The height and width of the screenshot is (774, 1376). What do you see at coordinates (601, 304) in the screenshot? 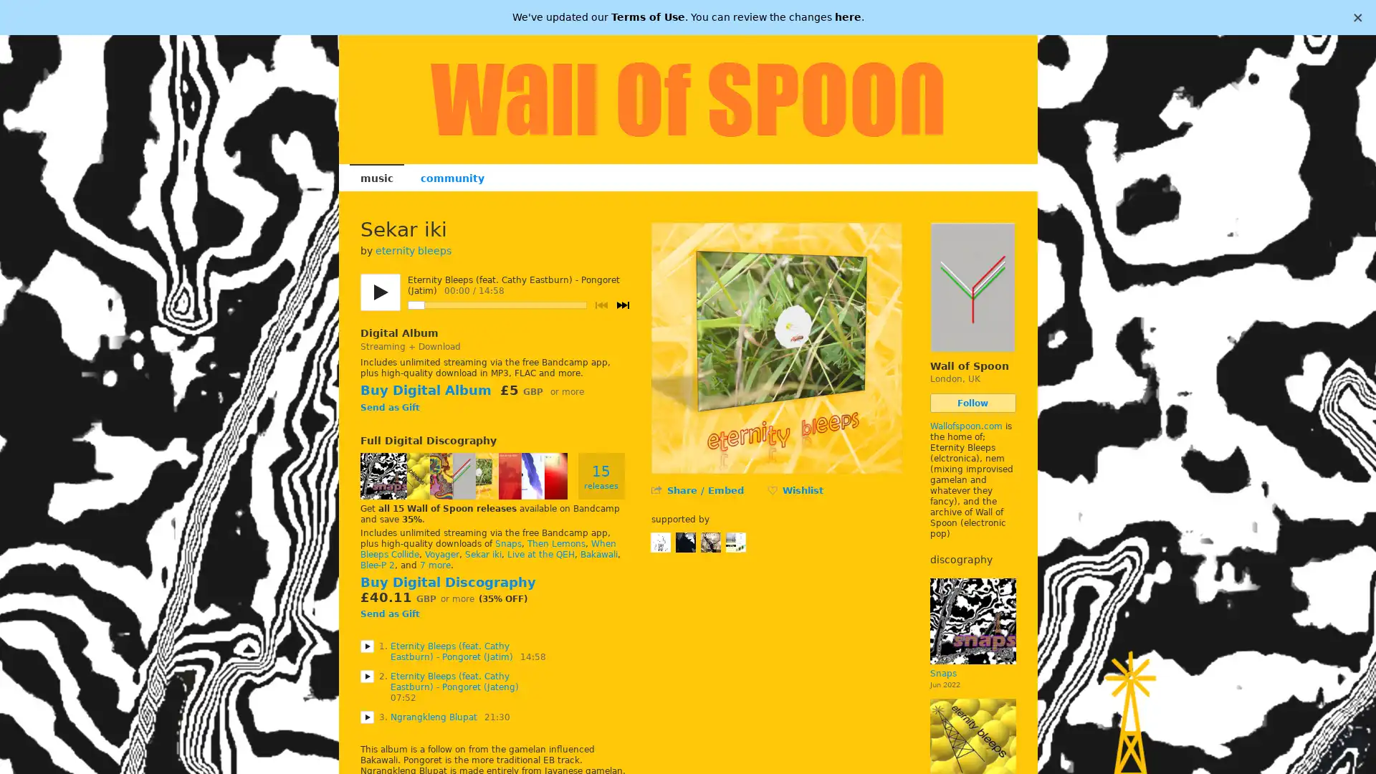
I see `Previous track` at bounding box center [601, 304].